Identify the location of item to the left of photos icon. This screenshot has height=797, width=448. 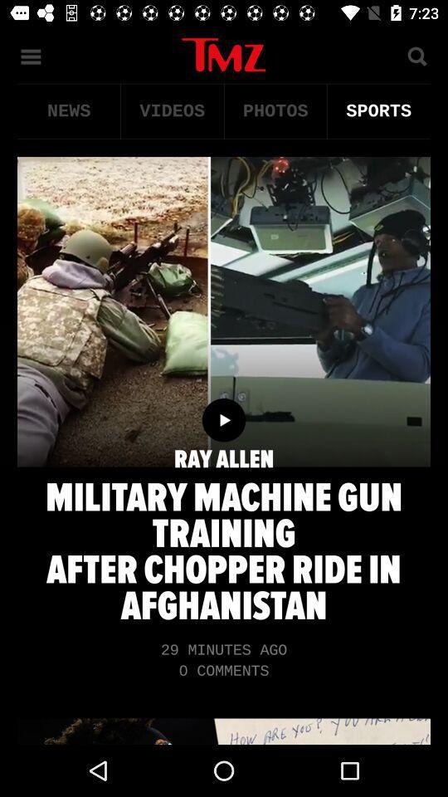
(171, 110).